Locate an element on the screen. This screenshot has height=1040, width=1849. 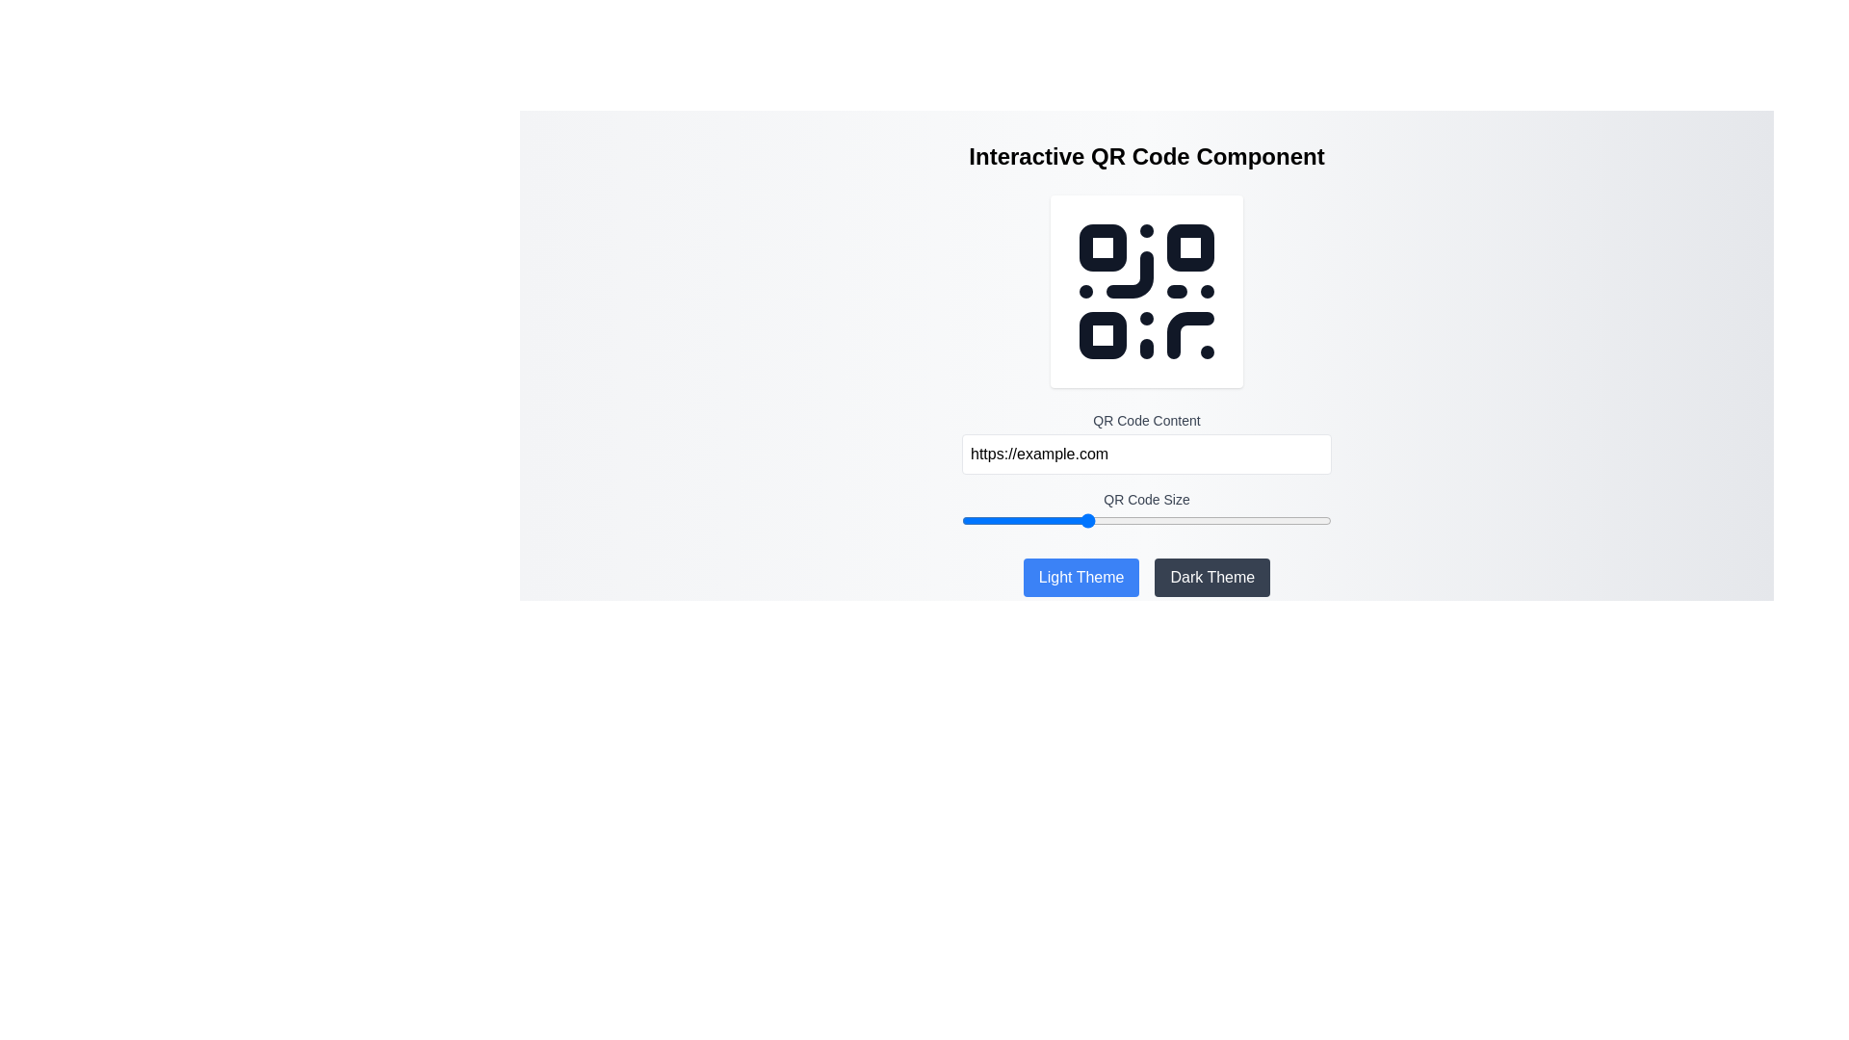
the small square with rounded corners located at the top-left part of the QR code design is located at coordinates (1103, 247).